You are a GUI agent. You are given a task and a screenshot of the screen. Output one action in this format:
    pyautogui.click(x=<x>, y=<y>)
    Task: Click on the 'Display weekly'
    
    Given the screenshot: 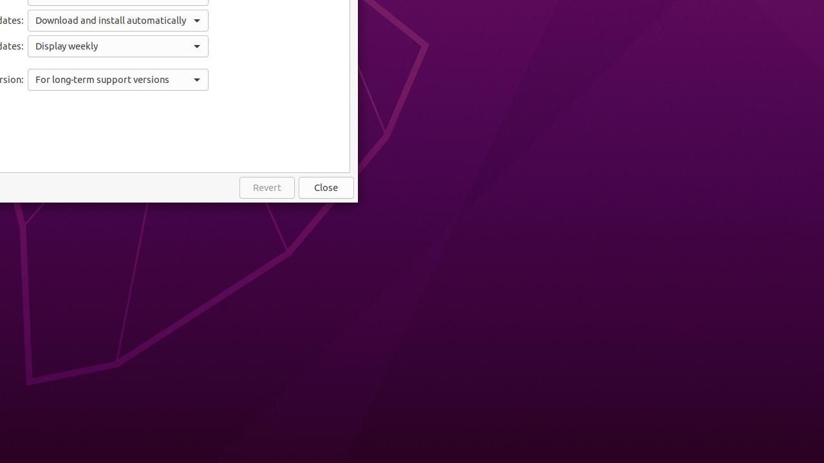 What is the action you would take?
    pyautogui.click(x=118, y=46)
    